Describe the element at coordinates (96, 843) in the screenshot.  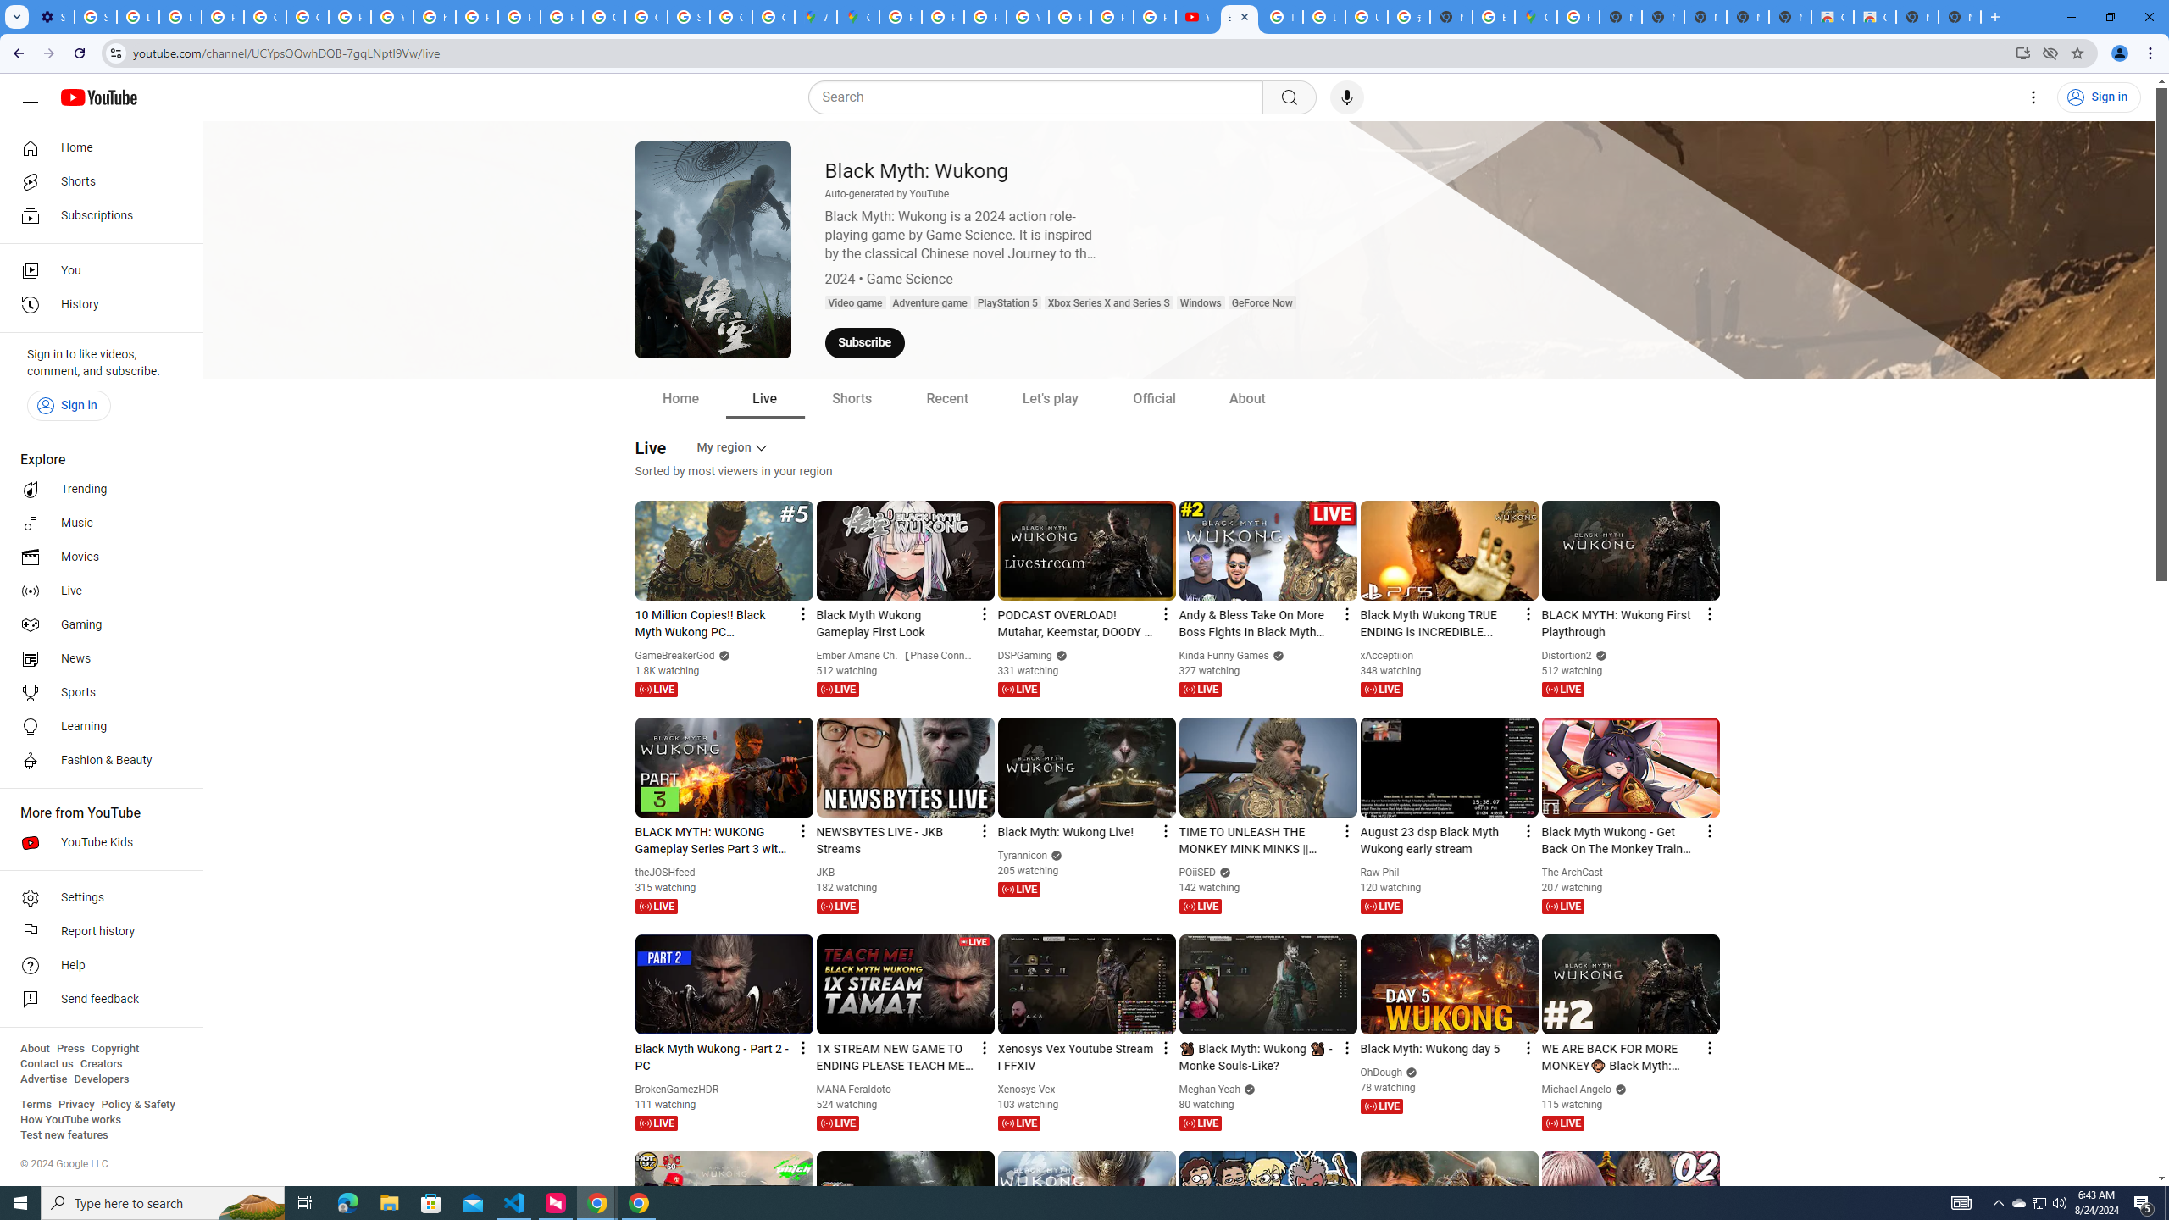
I see `'YouTube Kids'` at that location.